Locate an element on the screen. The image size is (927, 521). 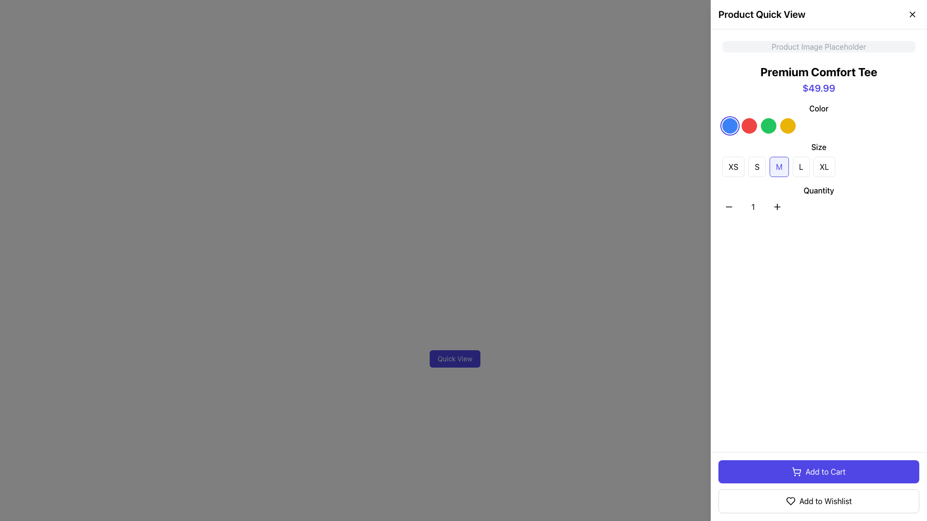
the size selection button labeled 'M', which is the third button in the row of size options within the 'Size' section of the product description layout is located at coordinates (779, 166).